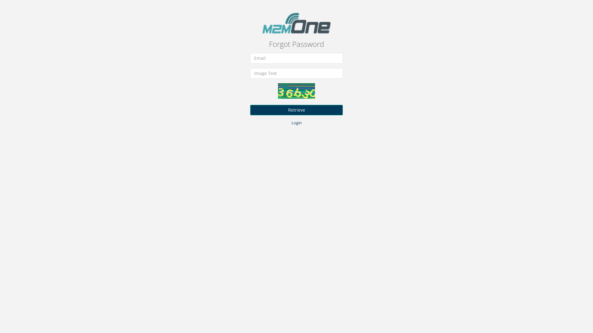  Describe the element at coordinates (296, 110) in the screenshot. I see `'Retrieve'` at that location.